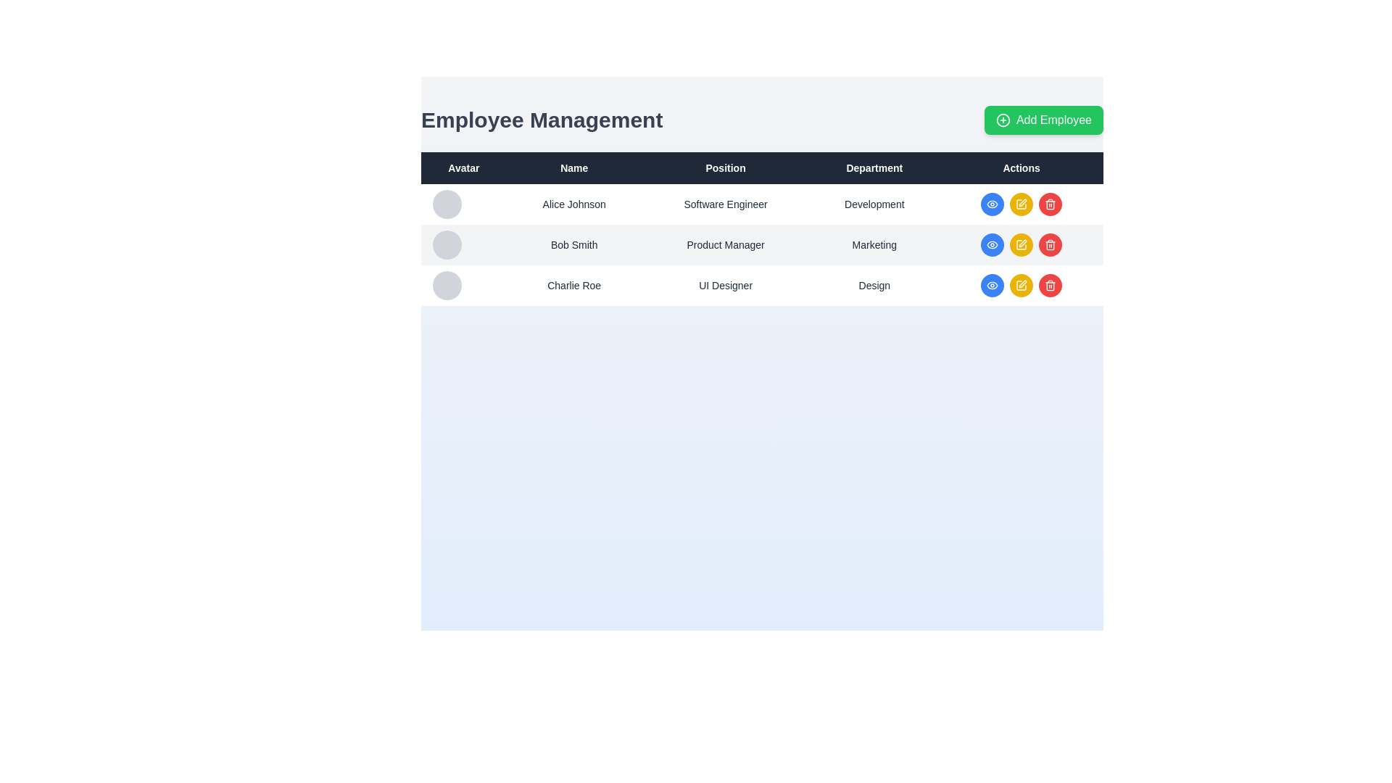 This screenshot has width=1392, height=783. What do you see at coordinates (874, 244) in the screenshot?
I see `the non-interactive text label indicating the department 'Marketing' for the individual named 'Bob Smith', located in the 'Department' column of the interface` at bounding box center [874, 244].